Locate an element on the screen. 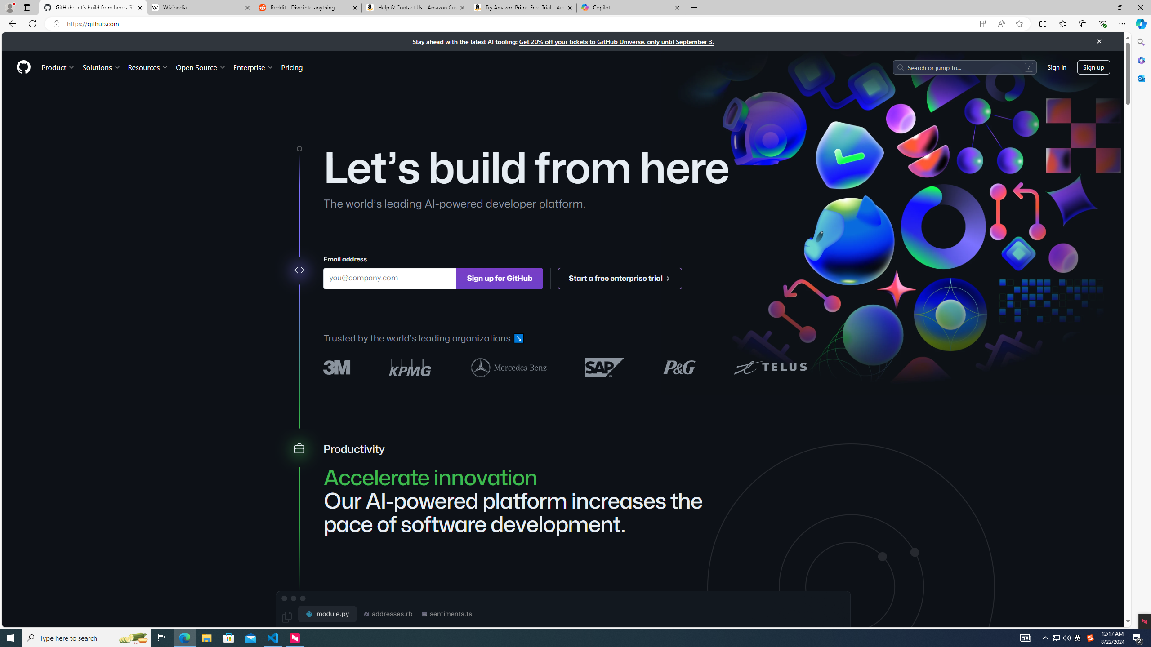 Image resolution: width=1151 pixels, height=647 pixels. 'Copilot' is located at coordinates (630, 7).